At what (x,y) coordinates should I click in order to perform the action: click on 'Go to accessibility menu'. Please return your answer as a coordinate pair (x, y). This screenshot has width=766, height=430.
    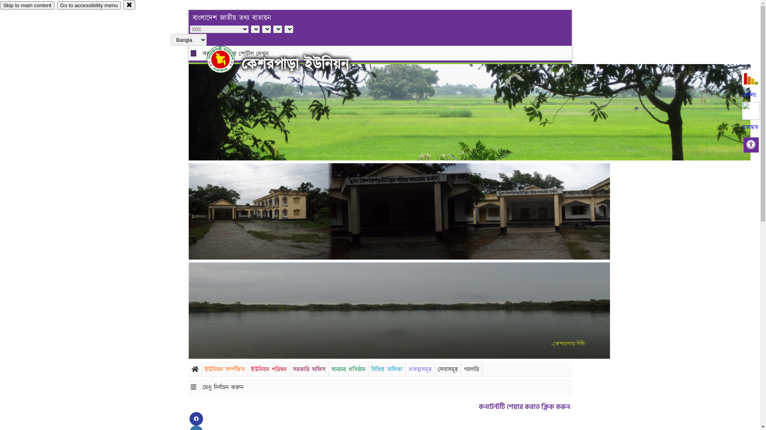
    Looking at the image, I should click on (57, 5).